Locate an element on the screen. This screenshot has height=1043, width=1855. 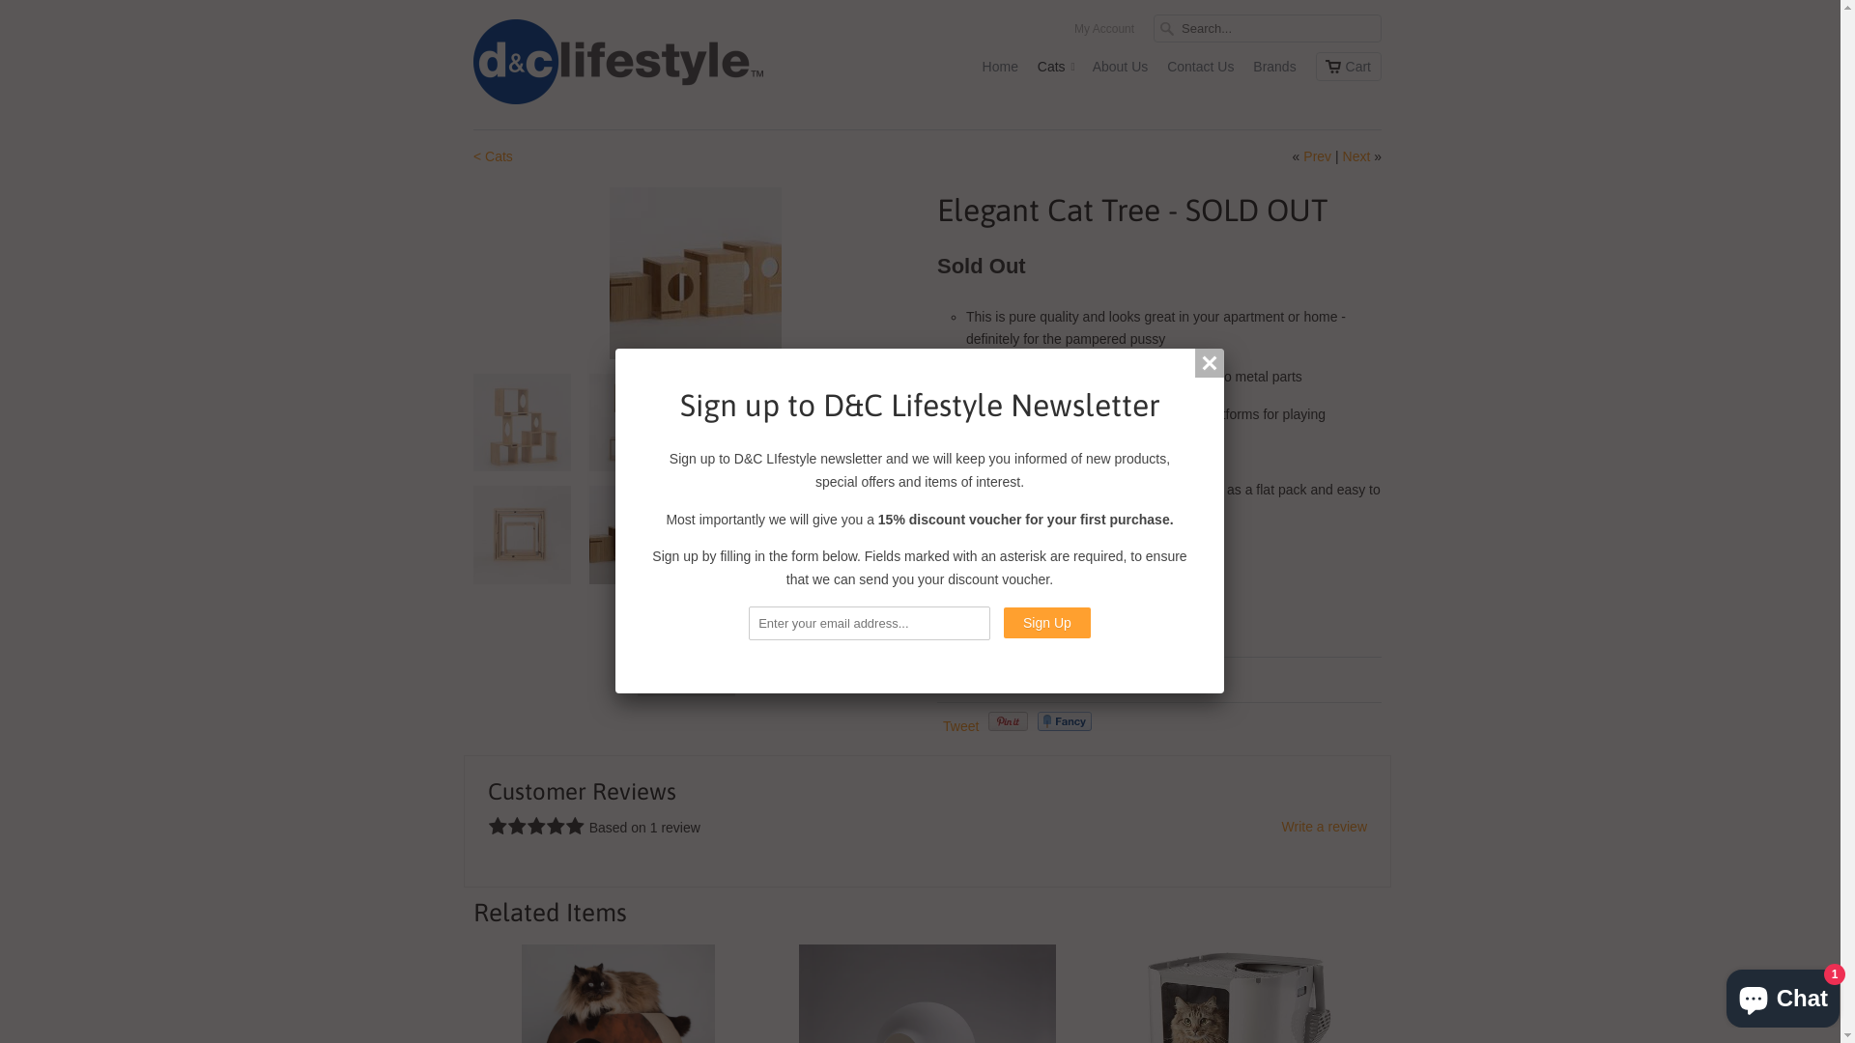
'Home' is located at coordinates (983, 70).